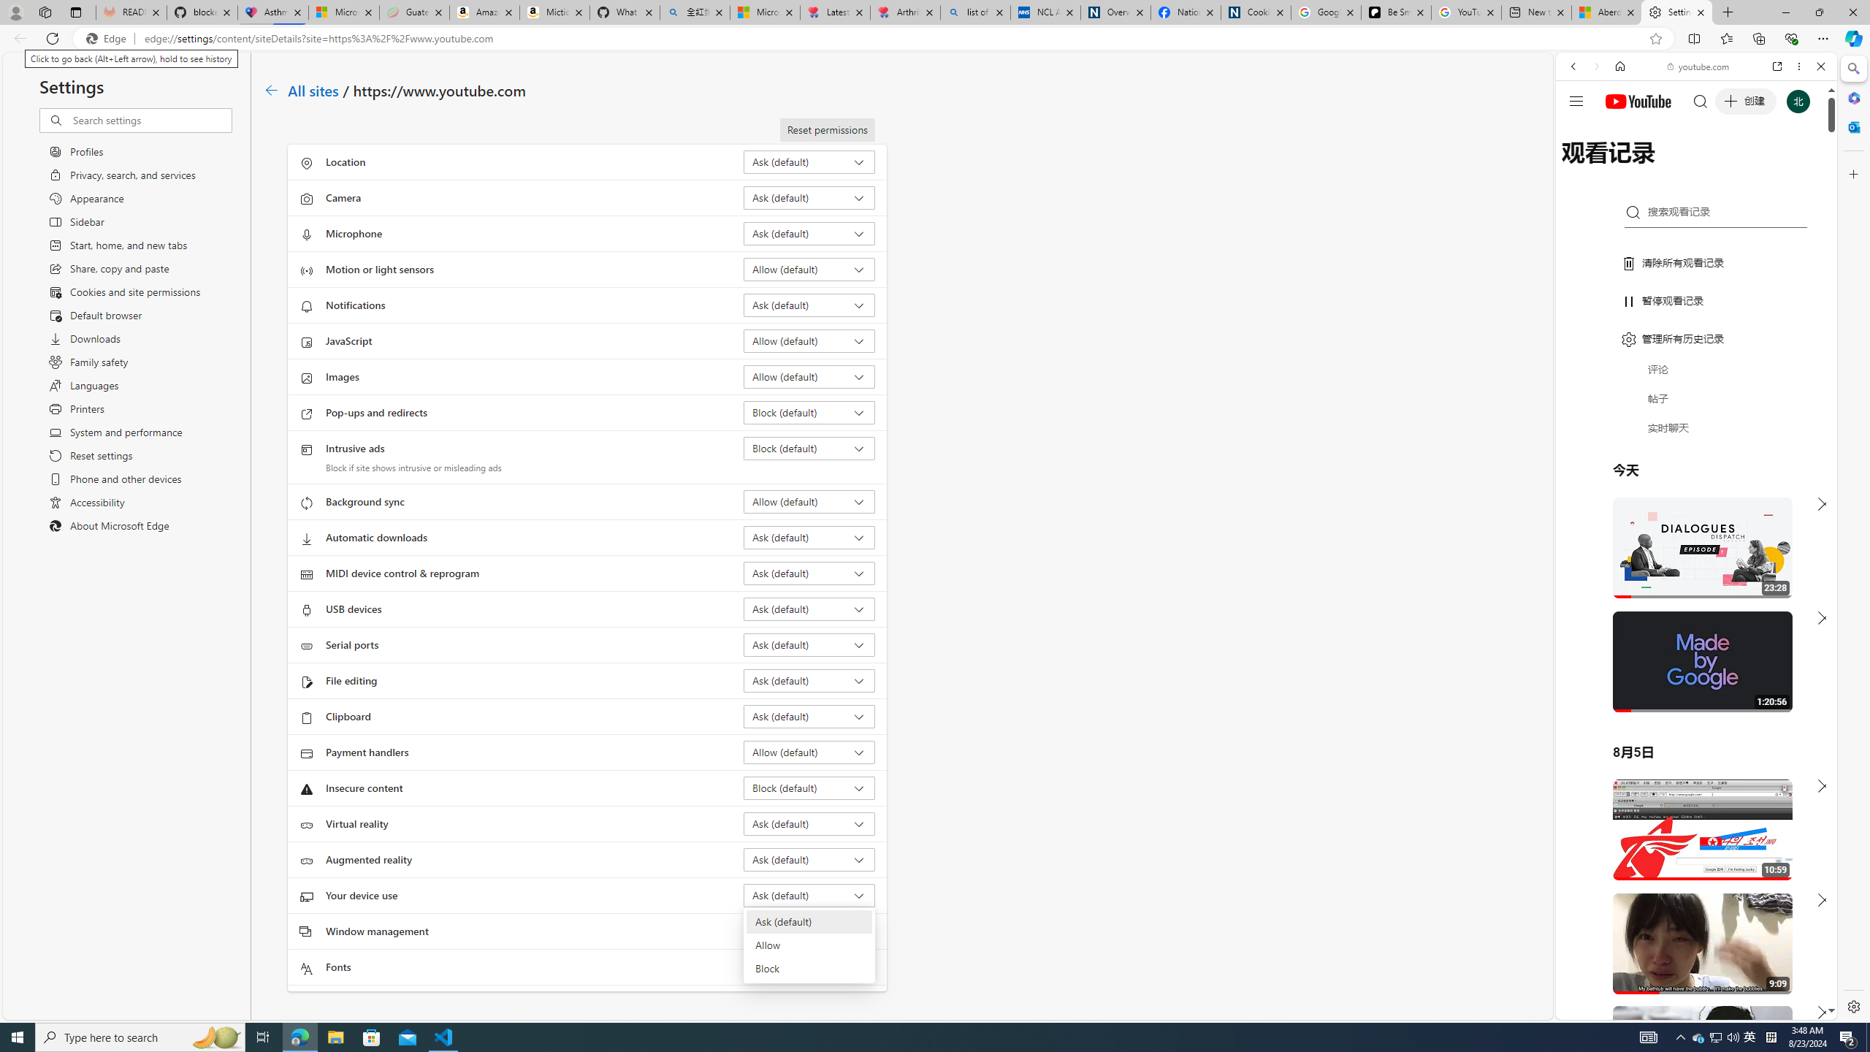 This screenshot has height=1052, width=1870. What do you see at coordinates (808, 945) in the screenshot?
I see `'Allow'` at bounding box center [808, 945].